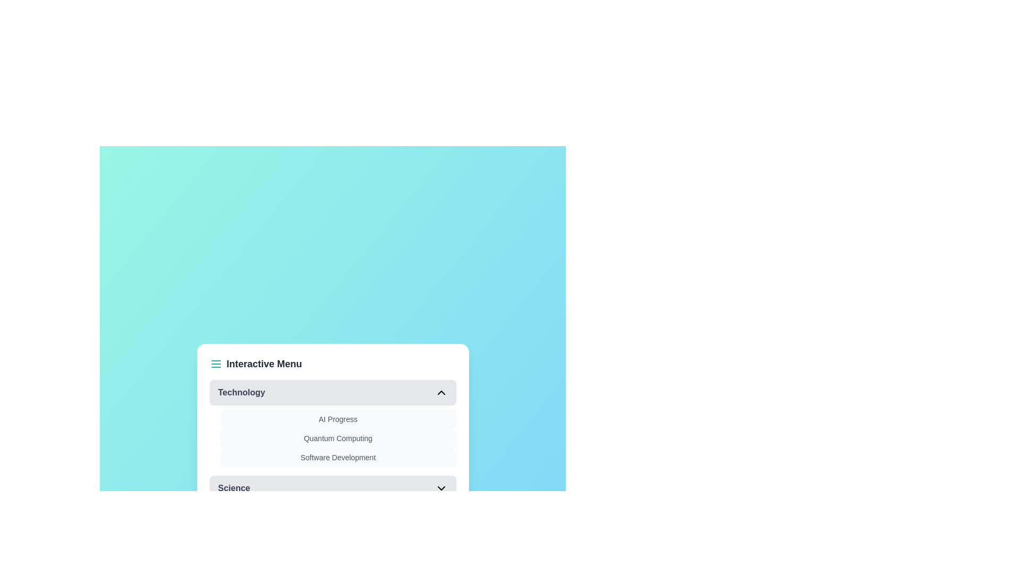  What do you see at coordinates (337, 457) in the screenshot?
I see `the Software Development to observe the hover effect` at bounding box center [337, 457].